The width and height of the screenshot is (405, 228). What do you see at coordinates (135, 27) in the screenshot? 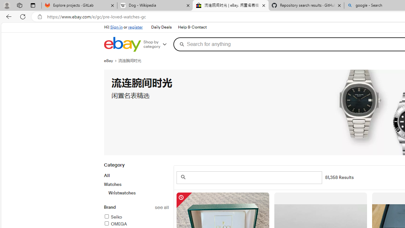
I see `'register'` at bounding box center [135, 27].